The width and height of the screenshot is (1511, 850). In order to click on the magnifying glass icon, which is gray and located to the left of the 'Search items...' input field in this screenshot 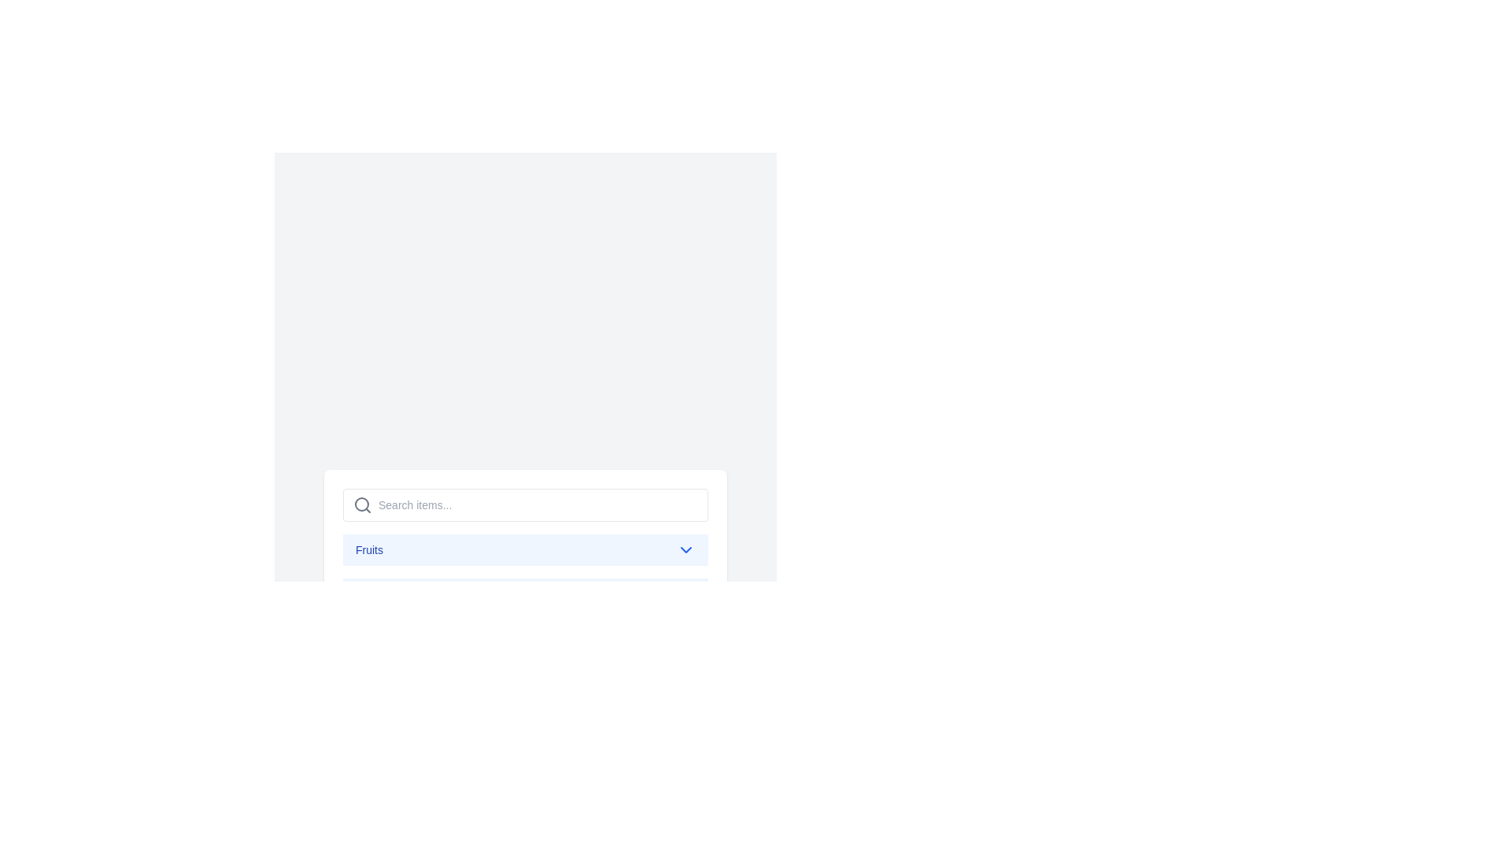, I will do `click(361, 504)`.